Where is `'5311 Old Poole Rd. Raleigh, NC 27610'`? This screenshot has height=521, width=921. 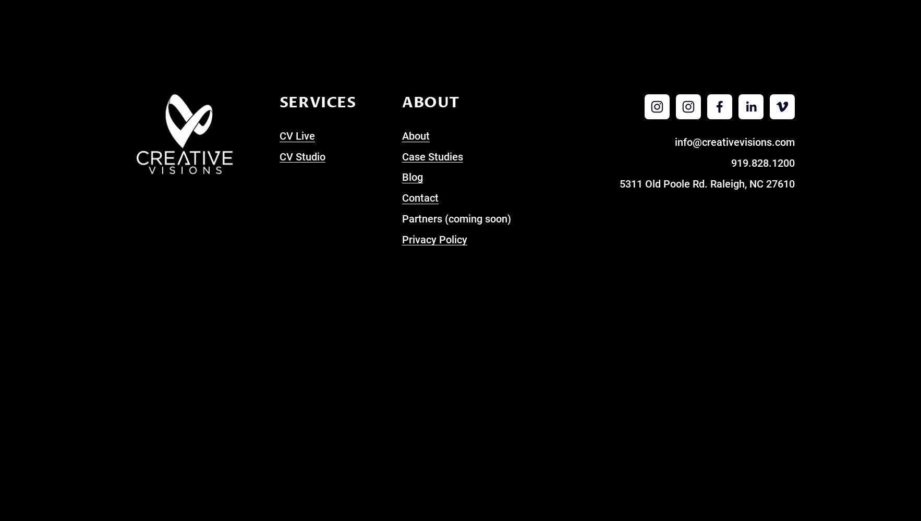
'5311 Old Poole Rd. Raleigh, NC 27610' is located at coordinates (707, 183).